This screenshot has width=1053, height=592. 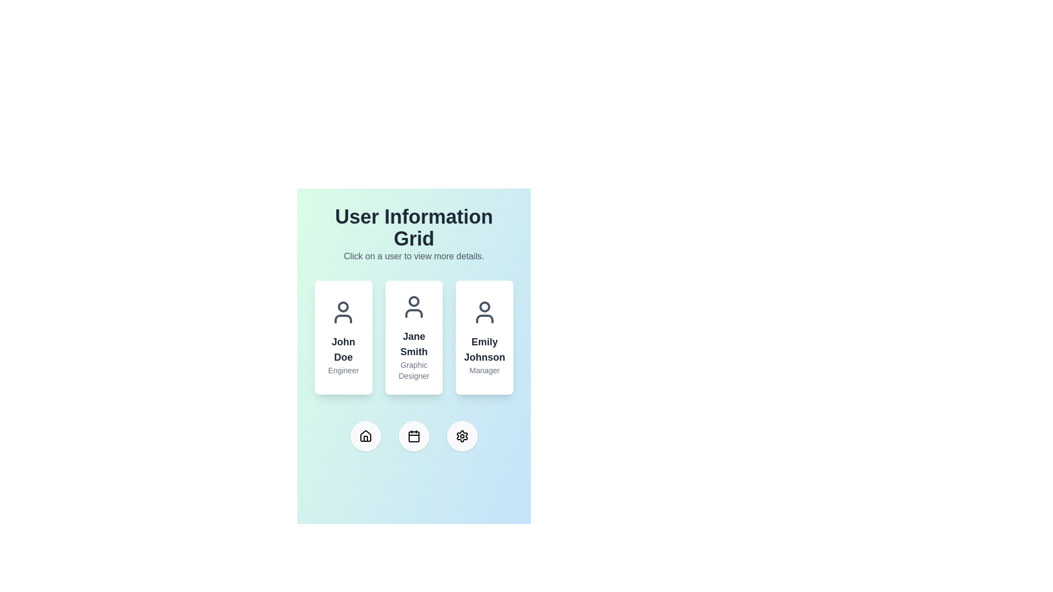 What do you see at coordinates (462, 435) in the screenshot?
I see `the settings button, which is the third circular button from the left in a row of three at the bottom center of the interface` at bounding box center [462, 435].